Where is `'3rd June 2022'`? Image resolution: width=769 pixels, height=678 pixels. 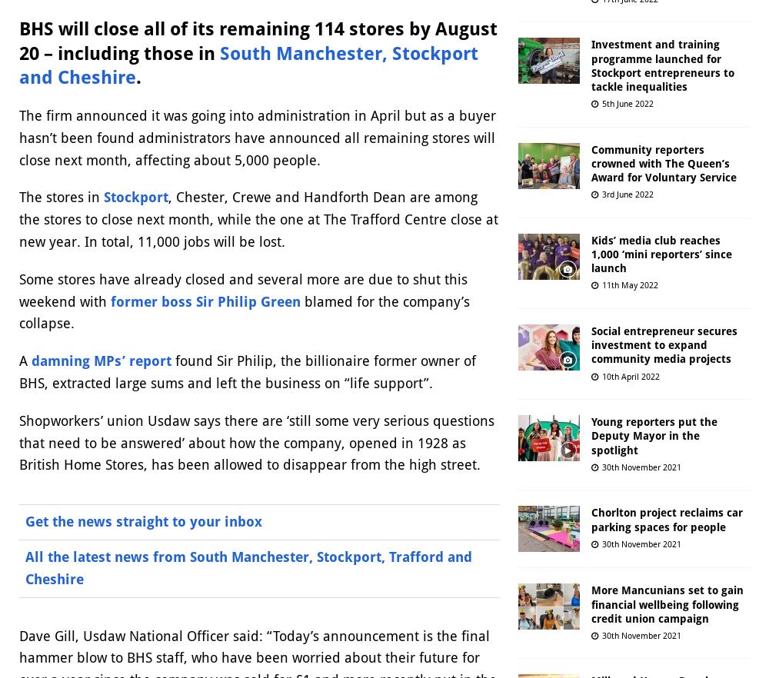 '3rd June 2022' is located at coordinates (602, 194).